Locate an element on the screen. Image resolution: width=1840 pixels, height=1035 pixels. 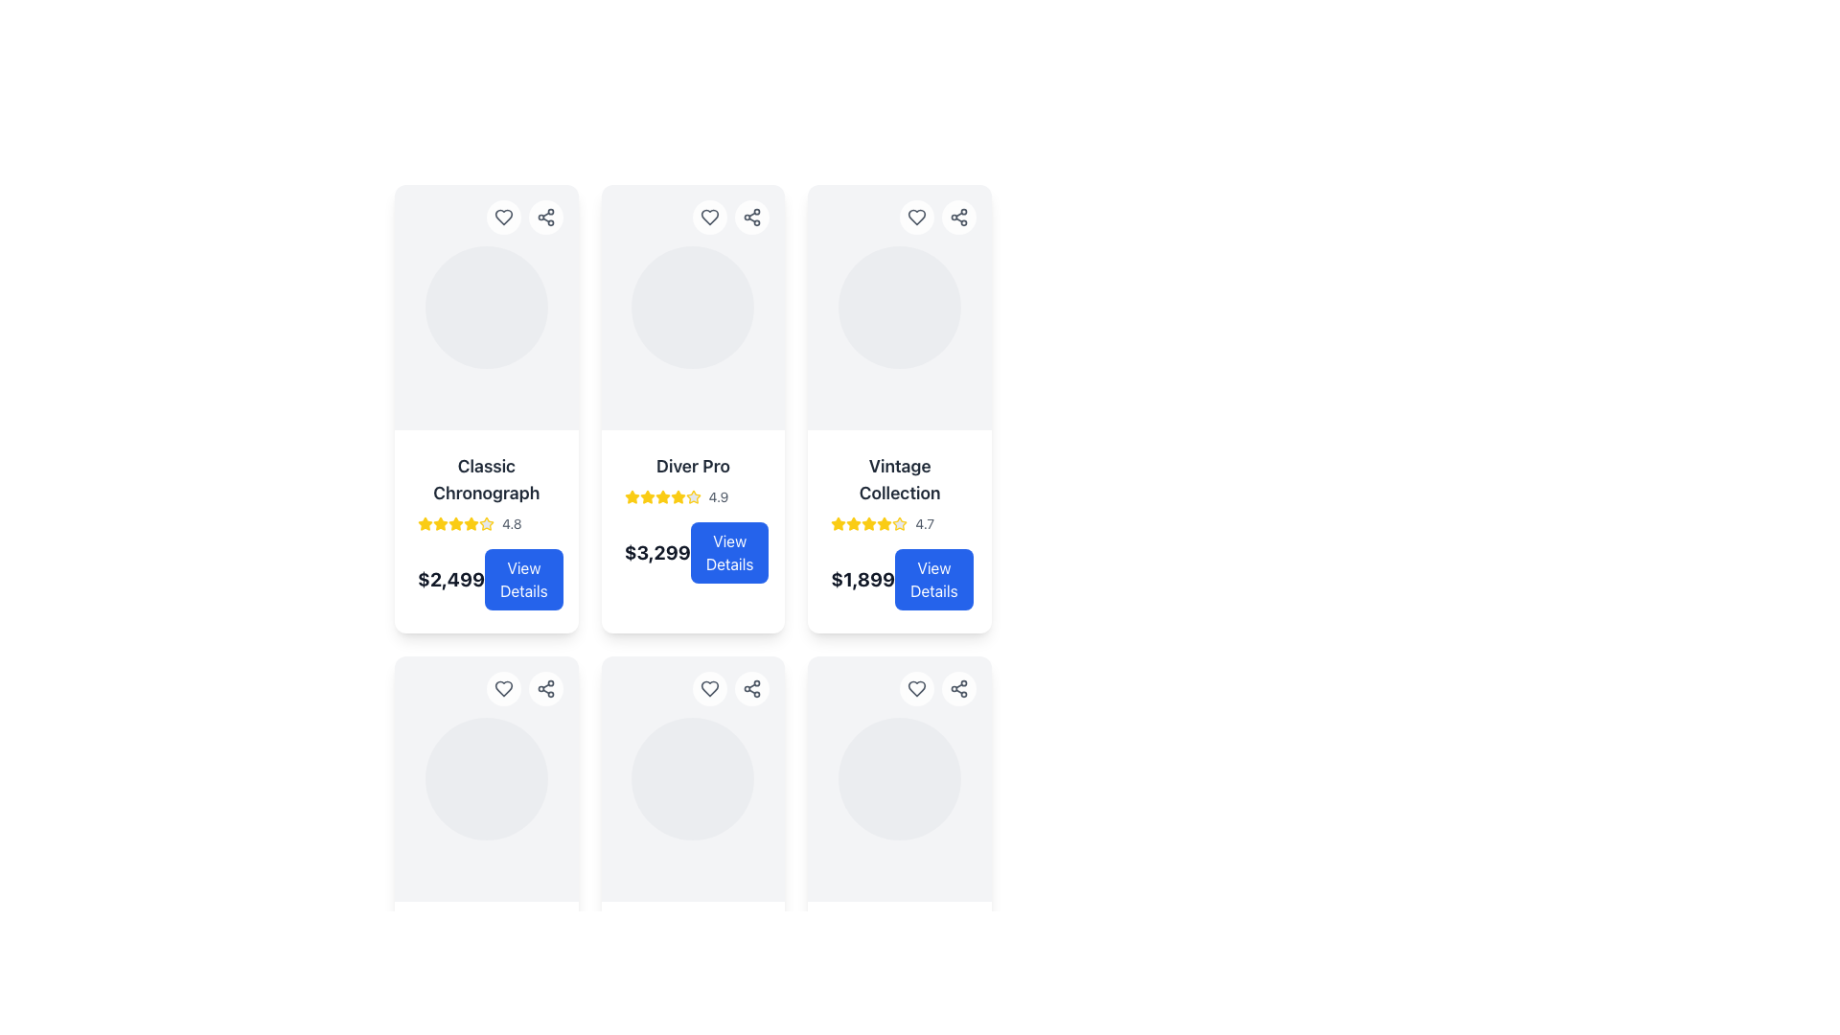
the share button located in the top-right corner of the 'Diver Pro' card, which is the second icon from the right following a heart icon is located at coordinates (751, 217).